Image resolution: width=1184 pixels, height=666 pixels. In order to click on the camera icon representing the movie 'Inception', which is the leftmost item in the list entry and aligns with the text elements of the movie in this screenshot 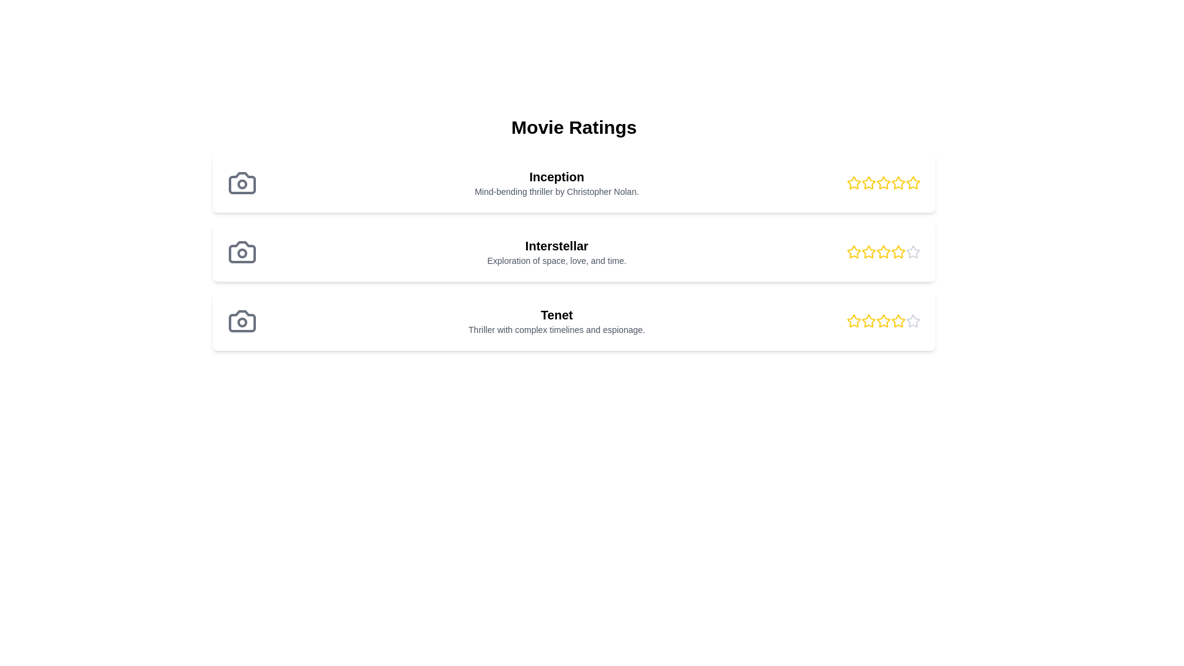, I will do `click(242, 183)`.